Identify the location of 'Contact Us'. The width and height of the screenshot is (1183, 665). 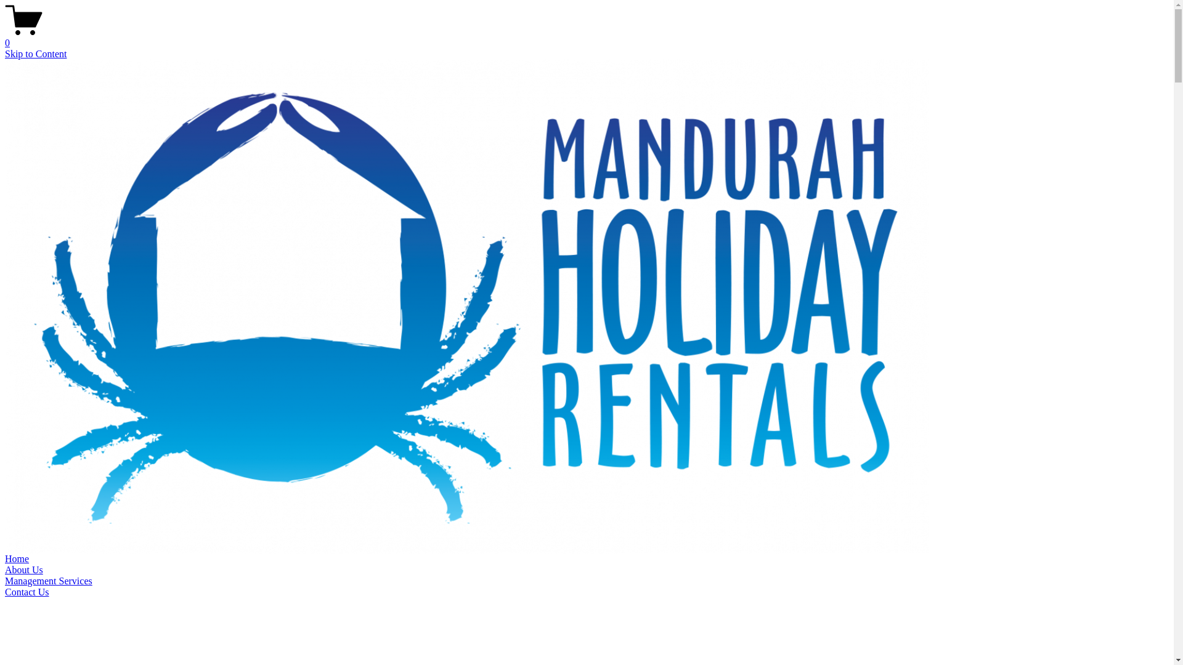
(26, 591).